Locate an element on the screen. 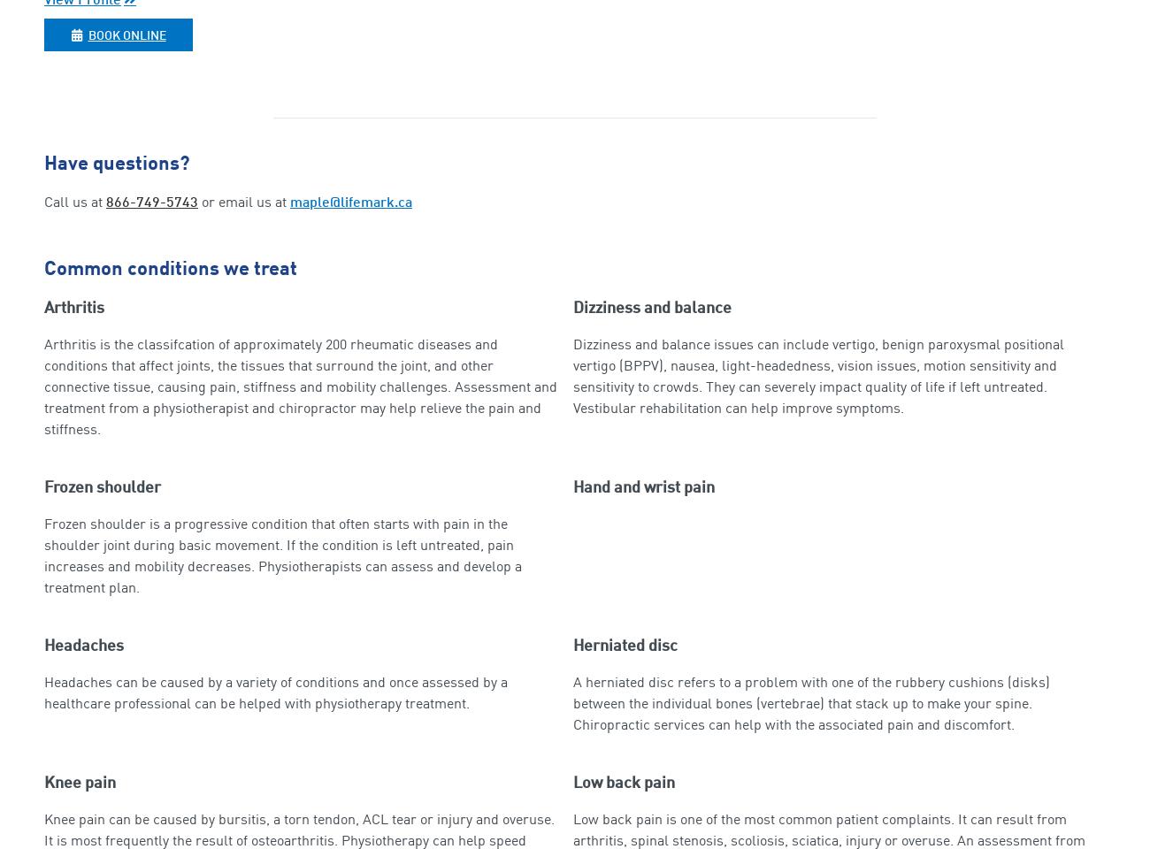  'Languages: English' is located at coordinates (43, 61).